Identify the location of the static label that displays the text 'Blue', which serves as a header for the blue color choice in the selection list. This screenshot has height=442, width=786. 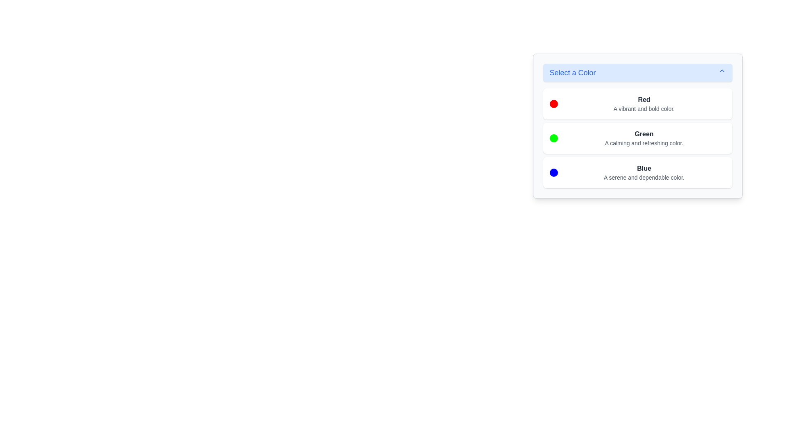
(644, 168).